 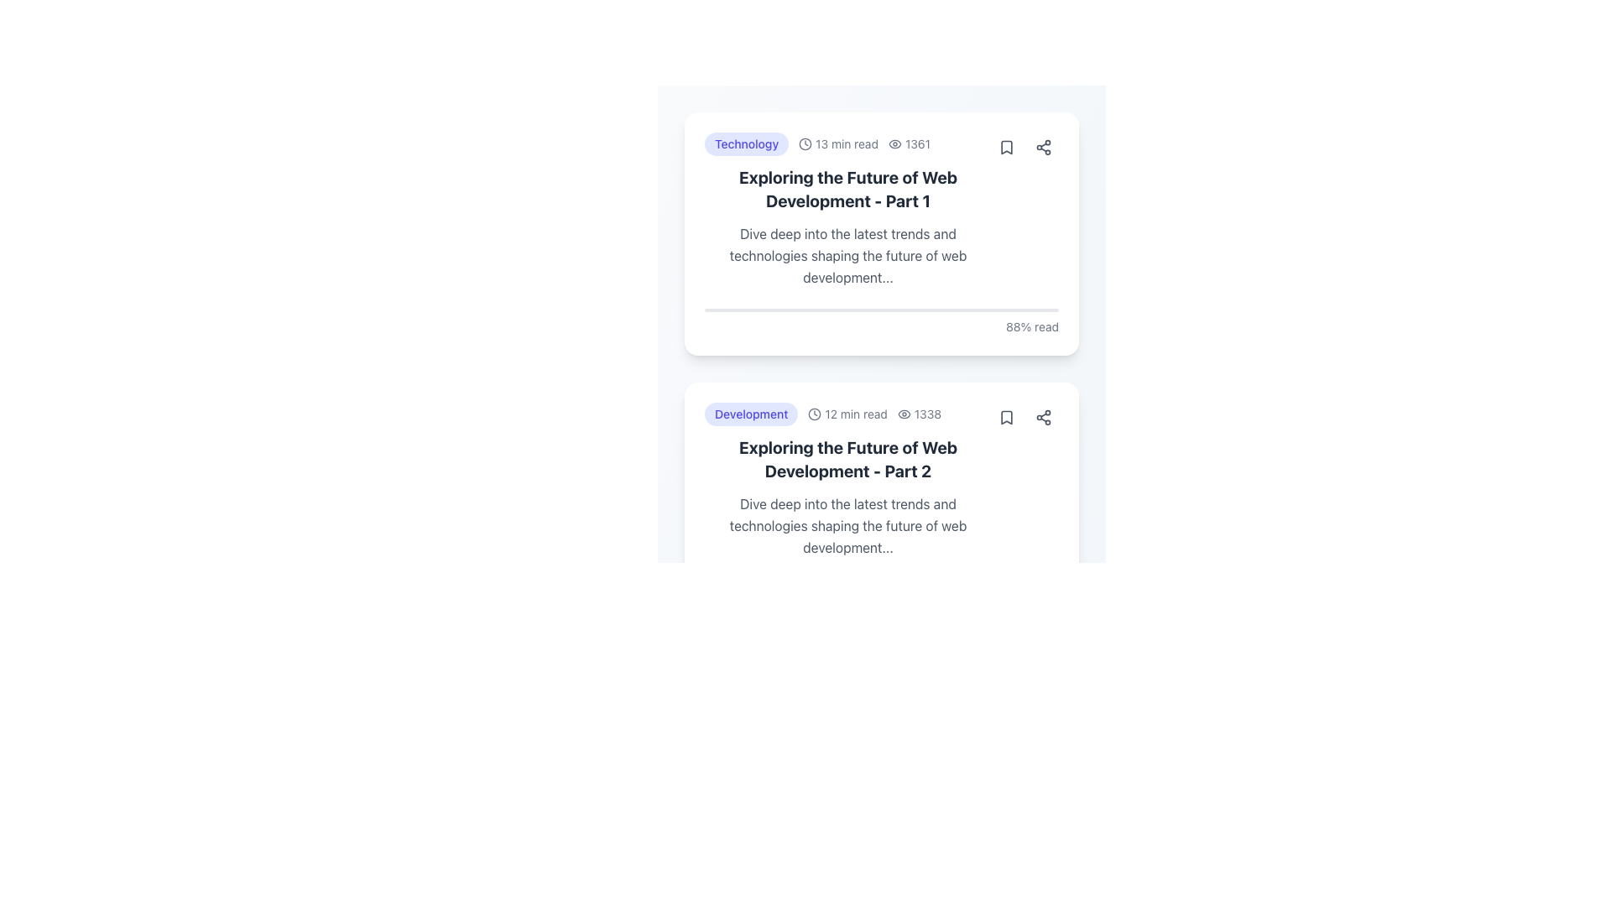 I want to click on the share button located in the top-right corner of the card, which is the second button in a horizontal group next to a bookmark icon, so click(x=1042, y=147).